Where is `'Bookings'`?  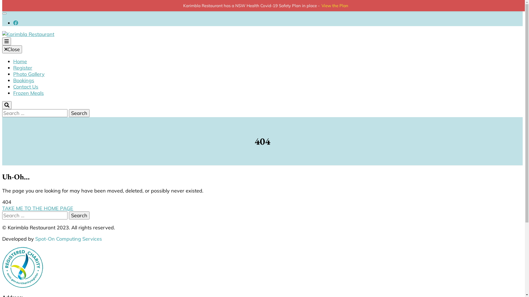
'Bookings' is located at coordinates (13, 80).